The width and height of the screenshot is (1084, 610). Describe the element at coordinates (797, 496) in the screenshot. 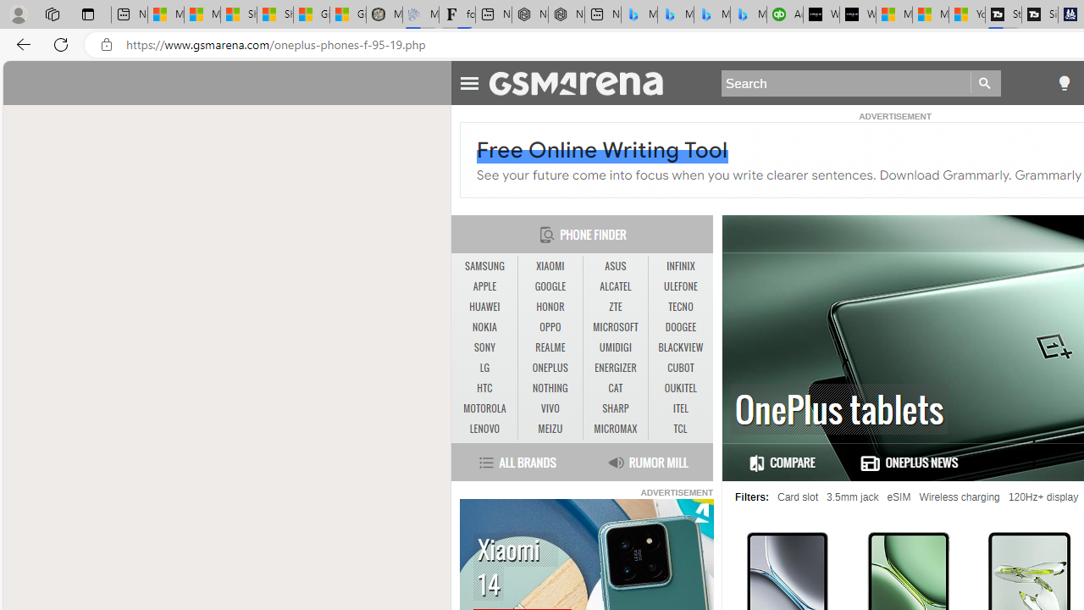

I see `'Card slot'` at that location.